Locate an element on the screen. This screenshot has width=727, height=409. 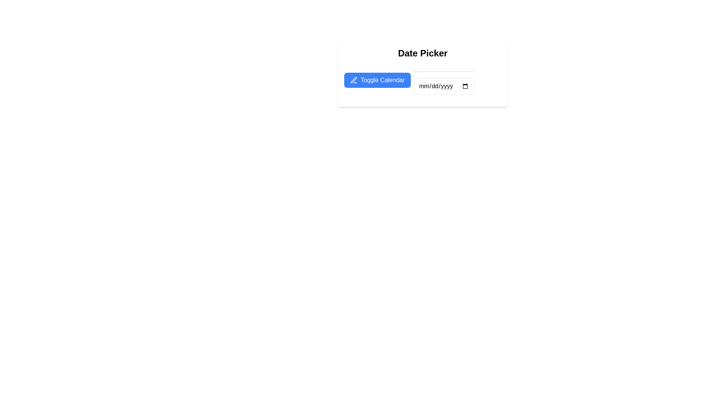
the 'Toggle Calendar' button, which is a rectangular button with rounded corners, solid blue color, and a white pen icon on the left, located under the 'Date Picker' header is located at coordinates (377, 80).